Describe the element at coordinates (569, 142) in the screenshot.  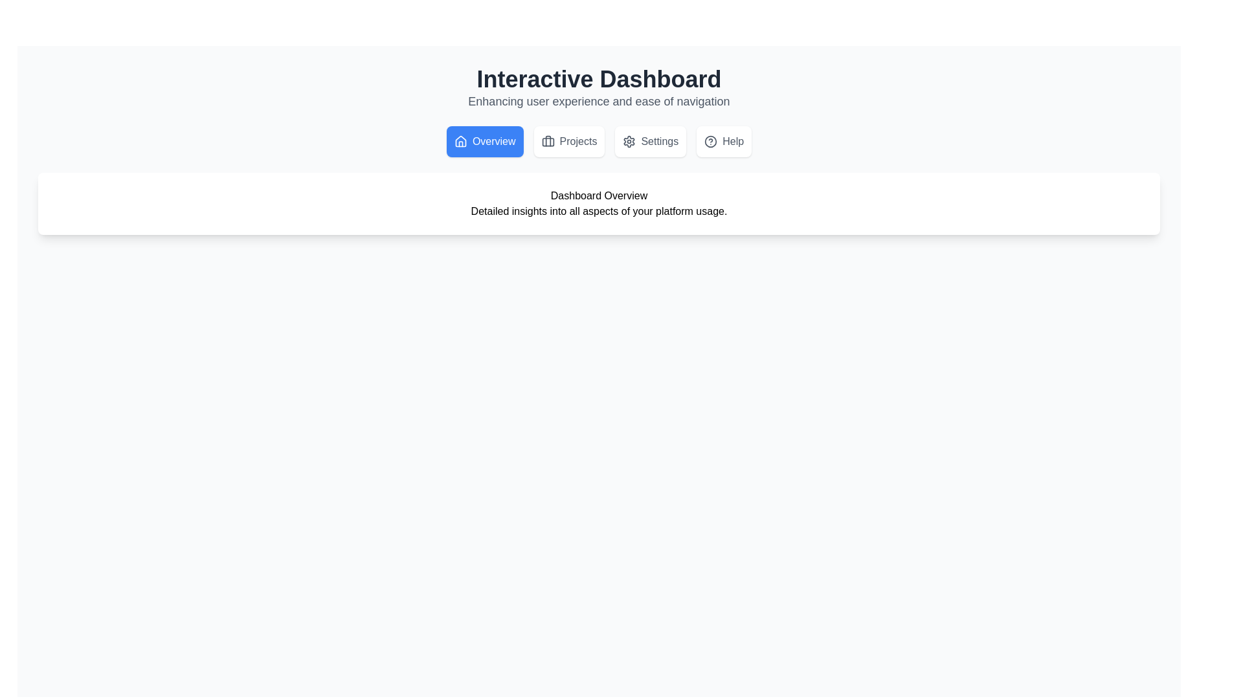
I see `the 'Projects' button, which is a rectangular button with a white background and gray text/icon, located in the row of buttons below 'Interactive Dashboard'` at that location.